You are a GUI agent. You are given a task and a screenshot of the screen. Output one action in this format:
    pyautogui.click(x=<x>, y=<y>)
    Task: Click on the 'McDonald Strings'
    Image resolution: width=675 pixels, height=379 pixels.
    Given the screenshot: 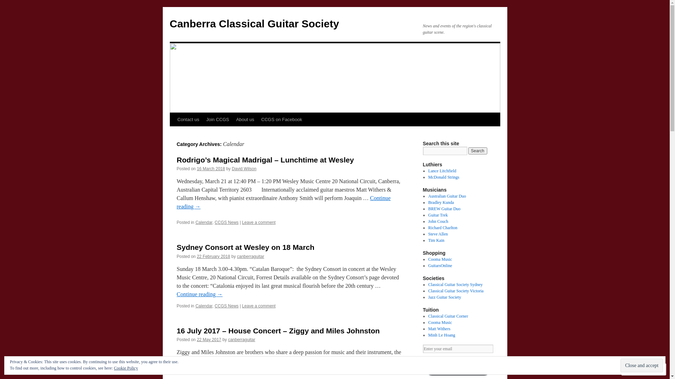 What is the action you would take?
    pyautogui.click(x=428, y=177)
    